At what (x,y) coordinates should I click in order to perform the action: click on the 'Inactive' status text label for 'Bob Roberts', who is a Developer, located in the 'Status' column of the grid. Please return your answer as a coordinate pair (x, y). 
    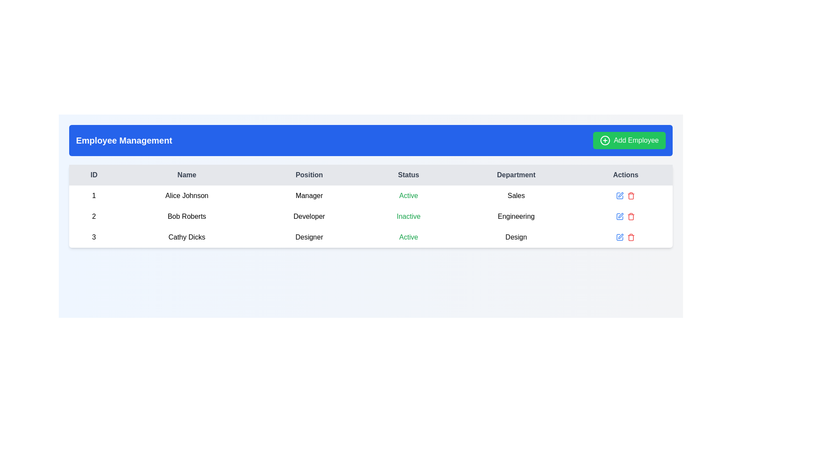
    Looking at the image, I should click on (408, 216).